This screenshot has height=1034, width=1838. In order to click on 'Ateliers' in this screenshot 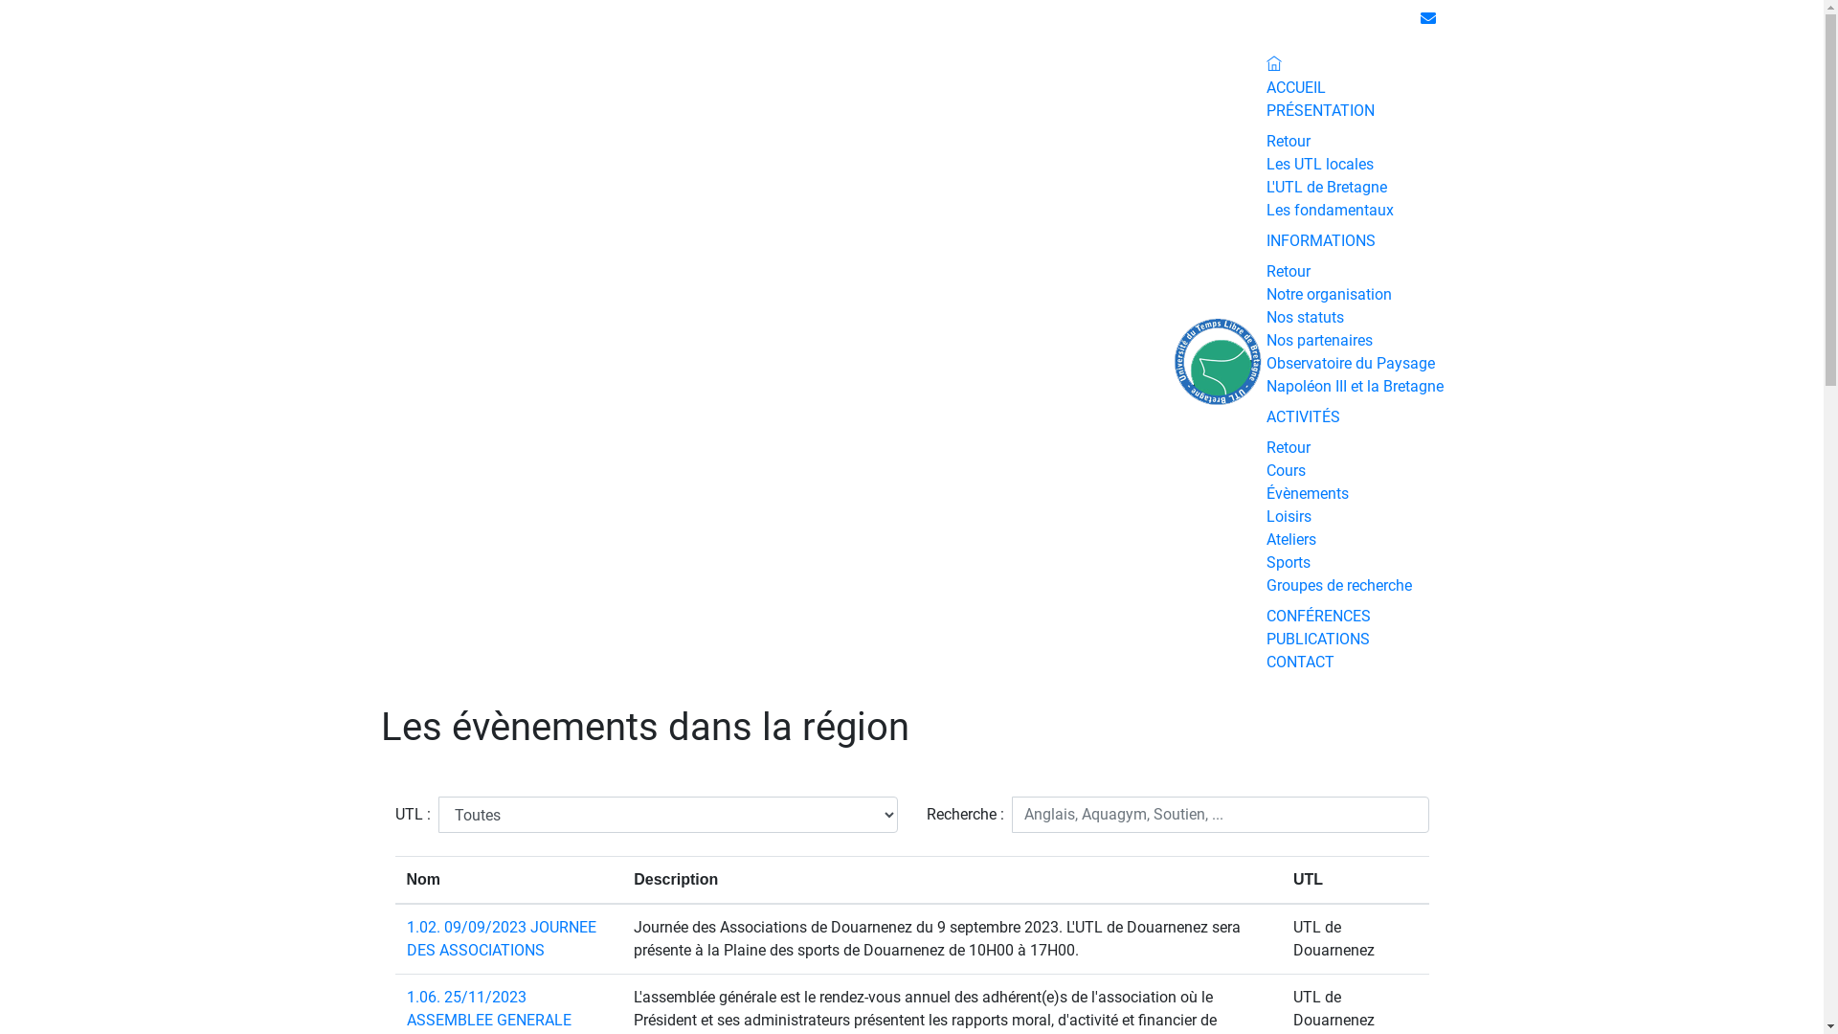, I will do `click(1290, 539)`.